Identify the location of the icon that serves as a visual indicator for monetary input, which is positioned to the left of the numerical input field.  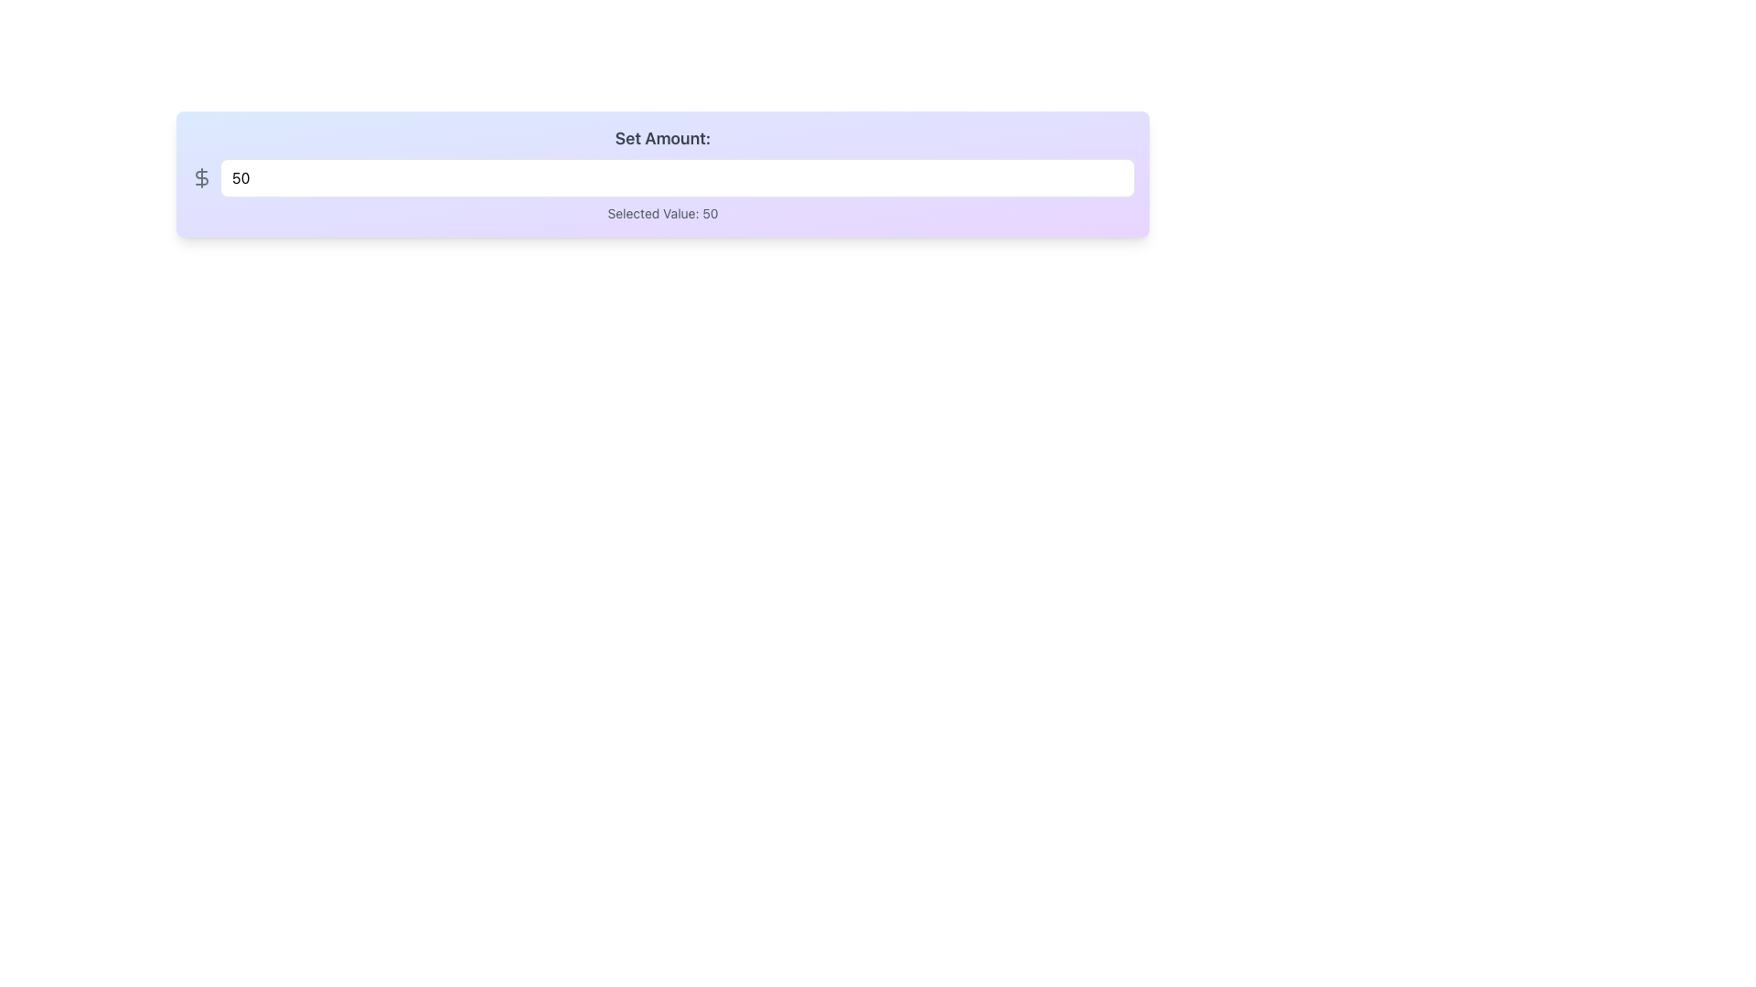
(201, 178).